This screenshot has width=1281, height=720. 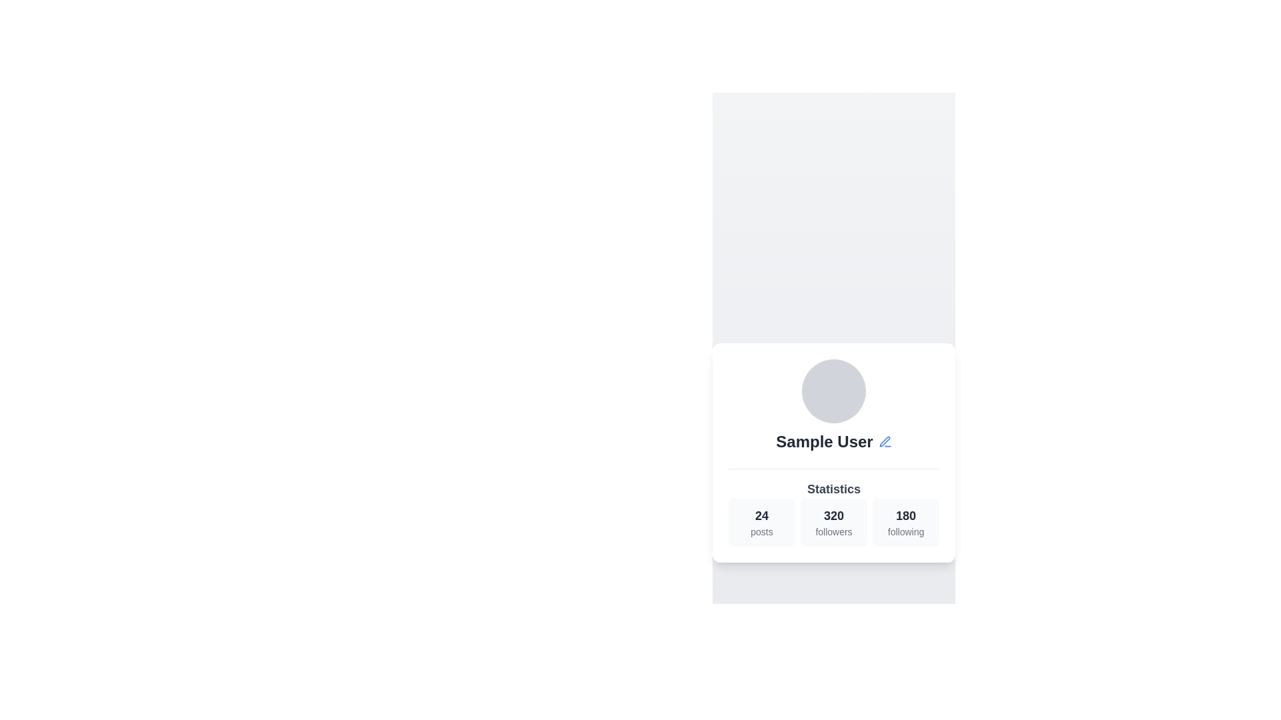 I want to click on the blue pen icon button adjacent to the text 'Sample User' to initiate the edit action, so click(x=885, y=441).